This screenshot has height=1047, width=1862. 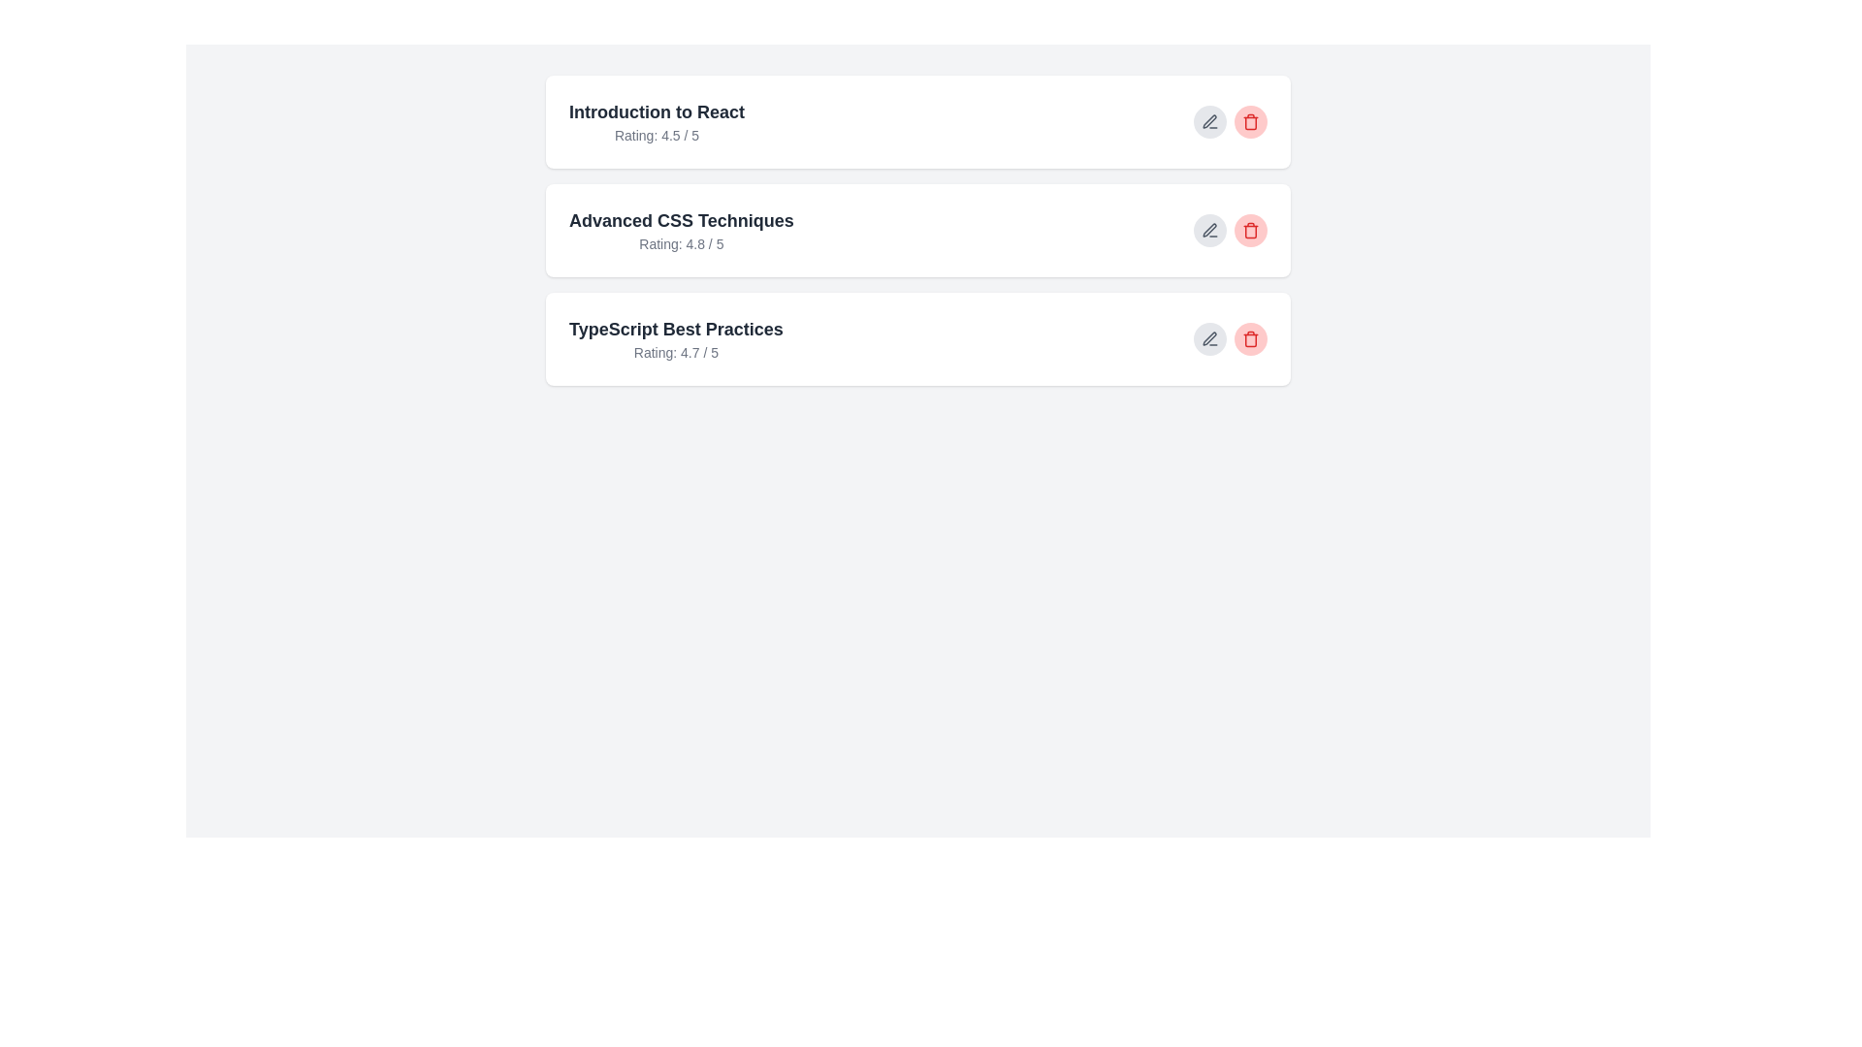 I want to click on the edit icon button associated with the 'Advanced CSS Techniques' entry to initiate the edit action, so click(x=1209, y=230).